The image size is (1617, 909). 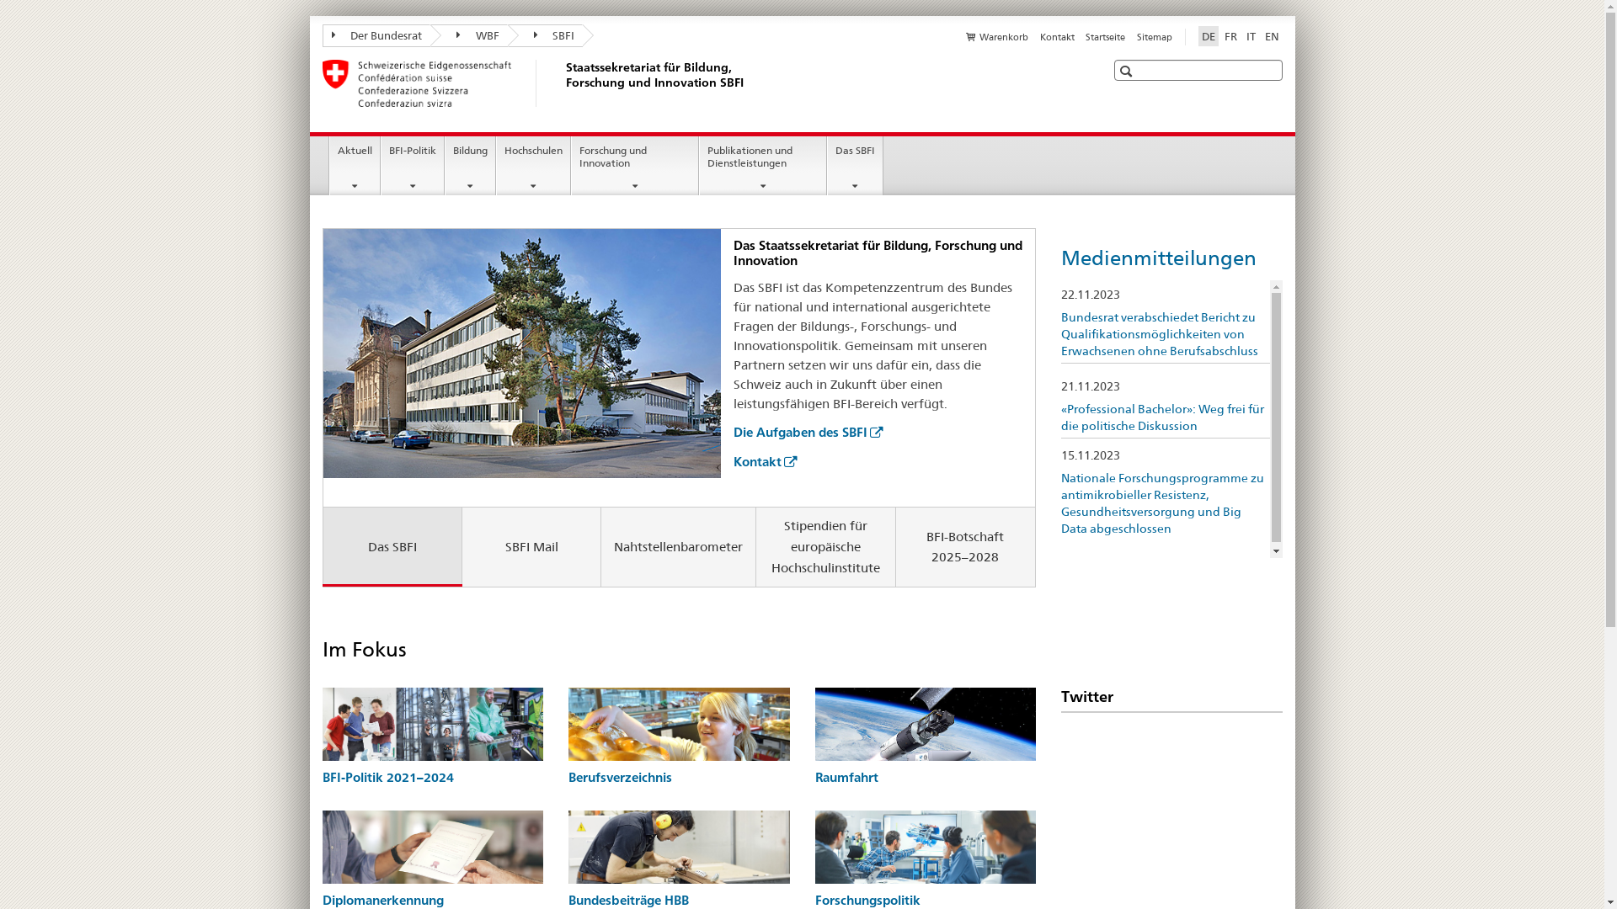 What do you see at coordinates (1038, 36) in the screenshot?
I see `'Kontakt'` at bounding box center [1038, 36].